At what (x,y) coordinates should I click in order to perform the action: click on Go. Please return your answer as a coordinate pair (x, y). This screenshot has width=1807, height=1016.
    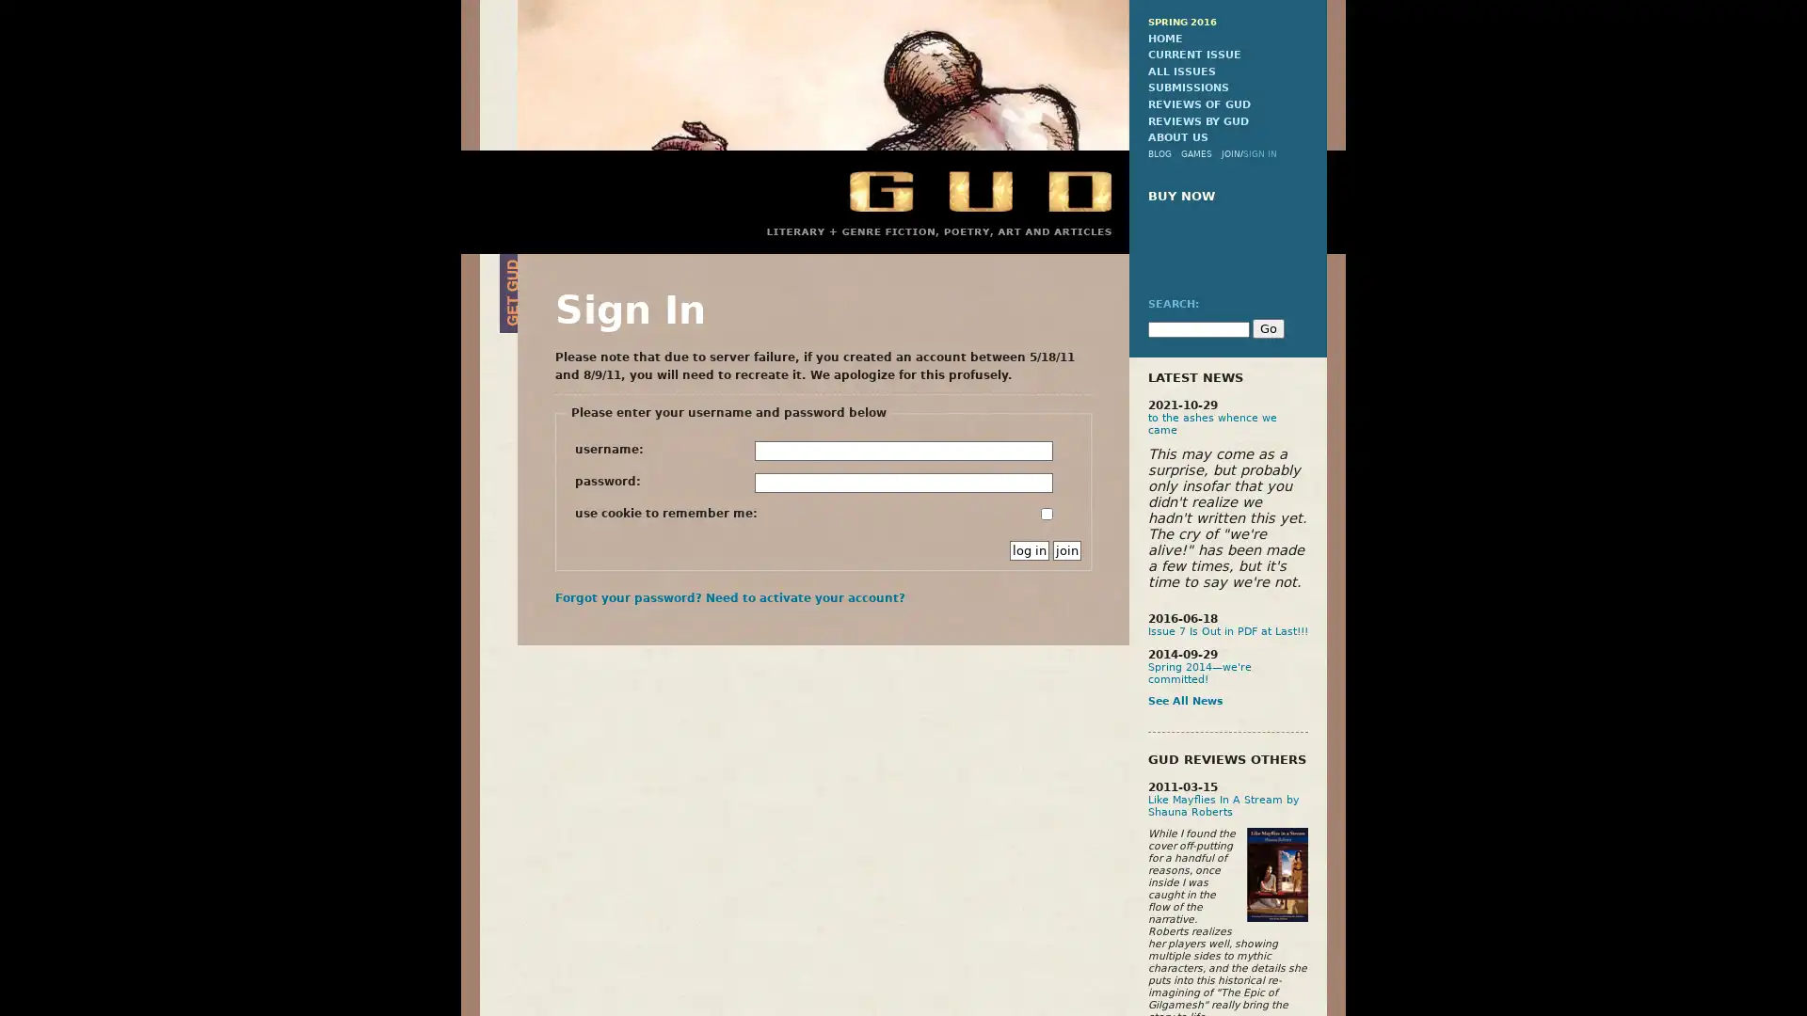
    Looking at the image, I should click on (1269, 327).